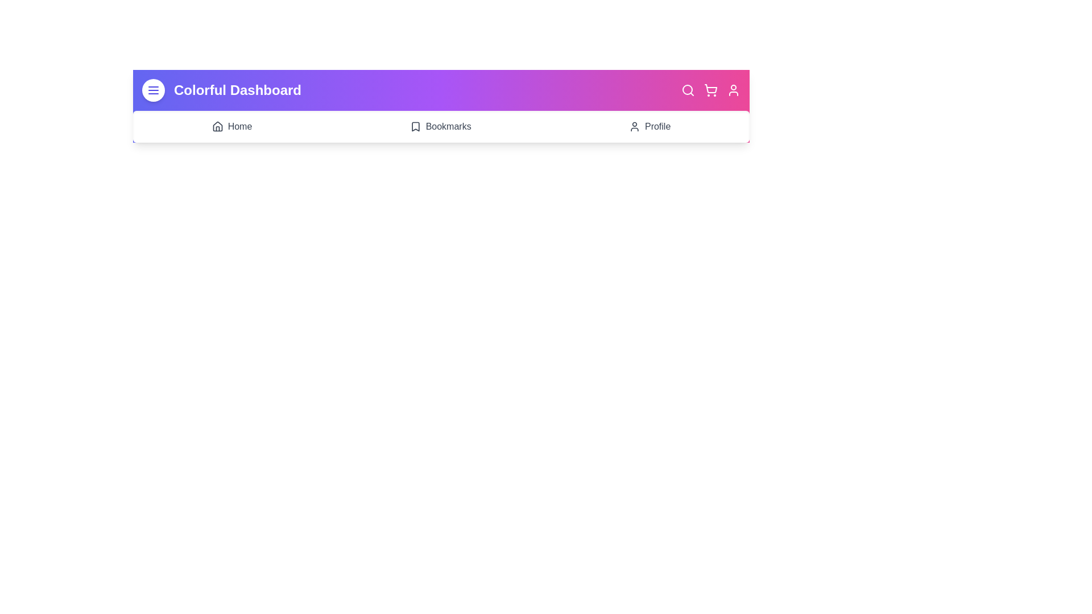 The width and height of the screenshot is (1092, 614). I want to click on the interactive element User Profile Icon to observe visual feedback, so click(734, 89).